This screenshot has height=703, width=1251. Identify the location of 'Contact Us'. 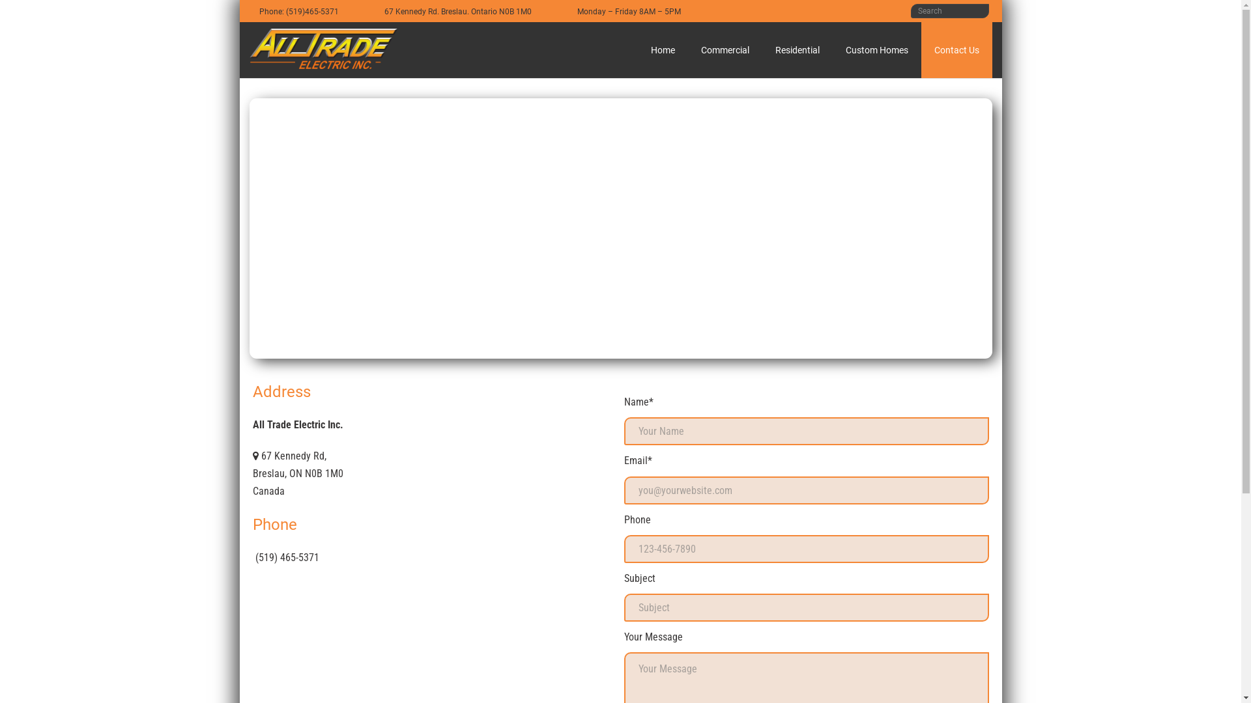
(956, 49).